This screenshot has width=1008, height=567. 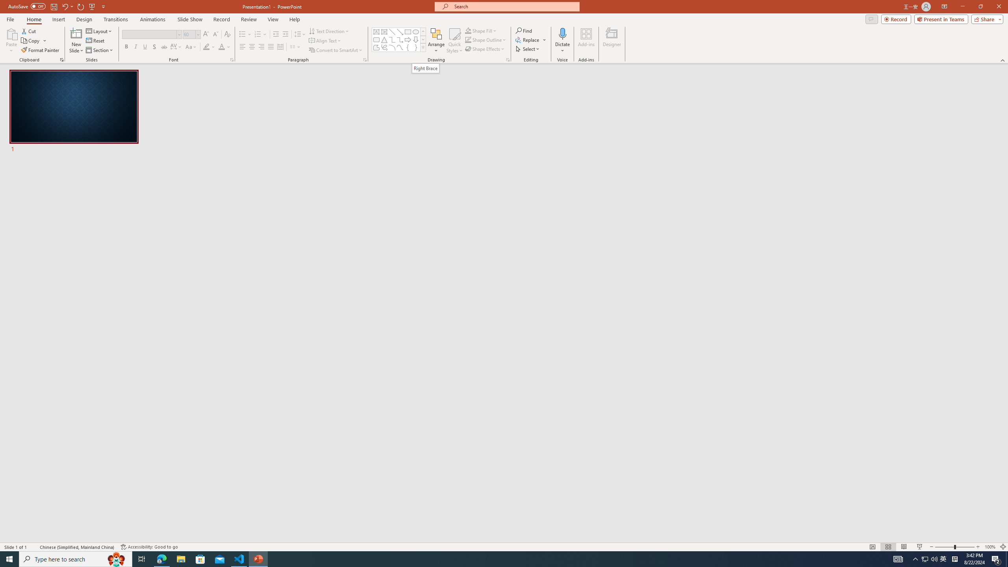 What do you see at coordinates (436, 41) in the screenshot?
I see `'Arrange'` at bounding box center [436, 41].